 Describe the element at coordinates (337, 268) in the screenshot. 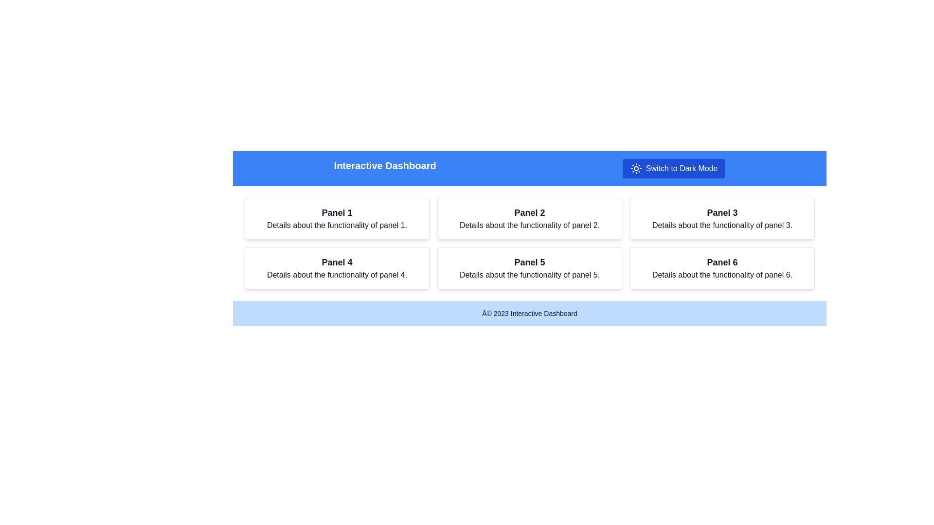

I see `the Information panel titled 'Panel 4', which is located in the lower row of a grid layout, occupying the leftmost position, immediately below 'Panel 1' and to the left of 'Panel 5'` at that location.